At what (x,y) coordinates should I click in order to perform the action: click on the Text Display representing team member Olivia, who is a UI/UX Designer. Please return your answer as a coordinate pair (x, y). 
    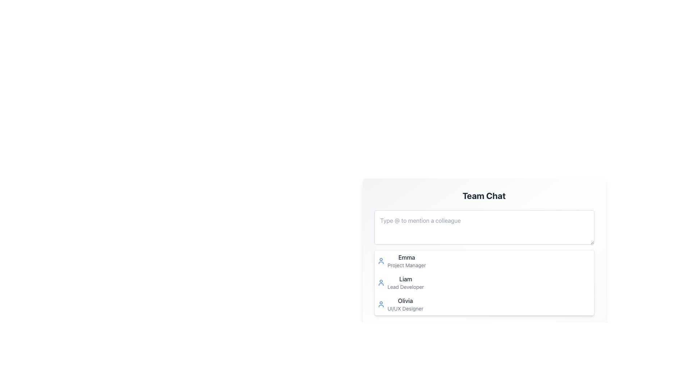
    Looking at the image, I should click on (405, 304).